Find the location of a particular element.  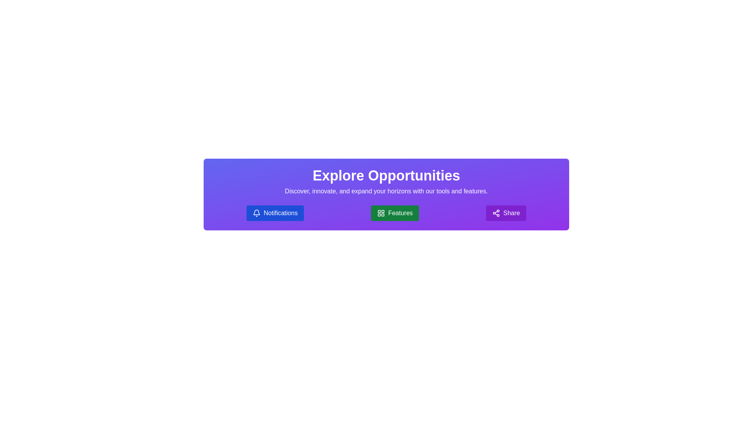

the bell icon located inside the 'Notifications' button is located at coordinates (256, 213).